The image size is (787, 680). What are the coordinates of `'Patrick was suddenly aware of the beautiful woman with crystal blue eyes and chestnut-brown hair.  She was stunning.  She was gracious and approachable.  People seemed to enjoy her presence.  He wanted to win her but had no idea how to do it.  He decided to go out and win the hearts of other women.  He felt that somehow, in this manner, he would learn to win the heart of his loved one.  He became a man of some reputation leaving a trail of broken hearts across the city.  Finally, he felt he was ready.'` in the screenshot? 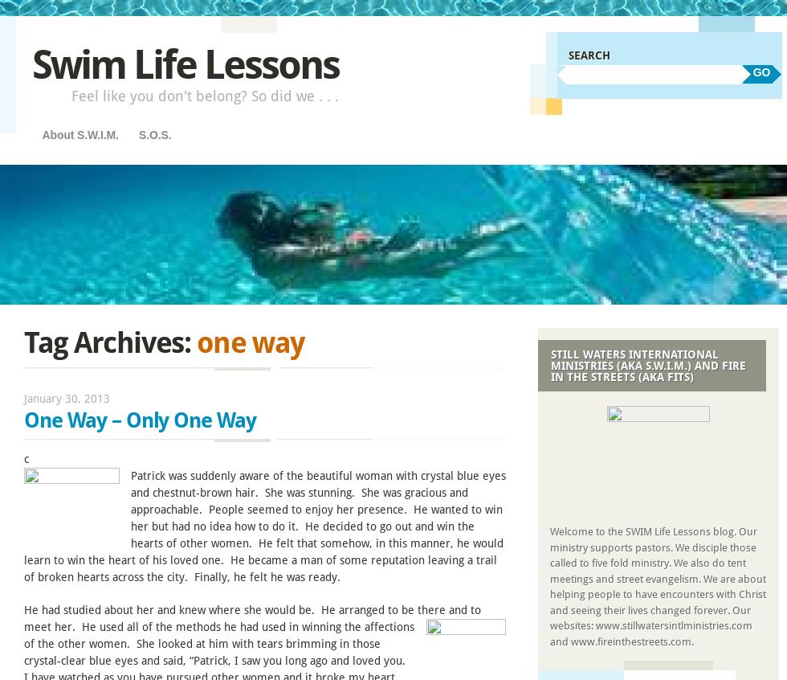 It's located at (264, 526).